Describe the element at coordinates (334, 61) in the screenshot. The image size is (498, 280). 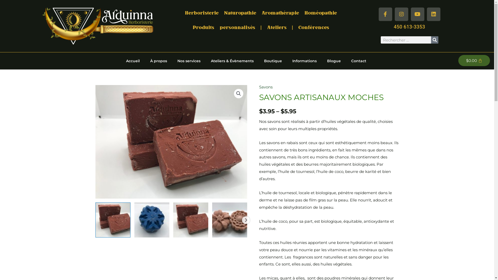
I see `'Blogue'` at that location.